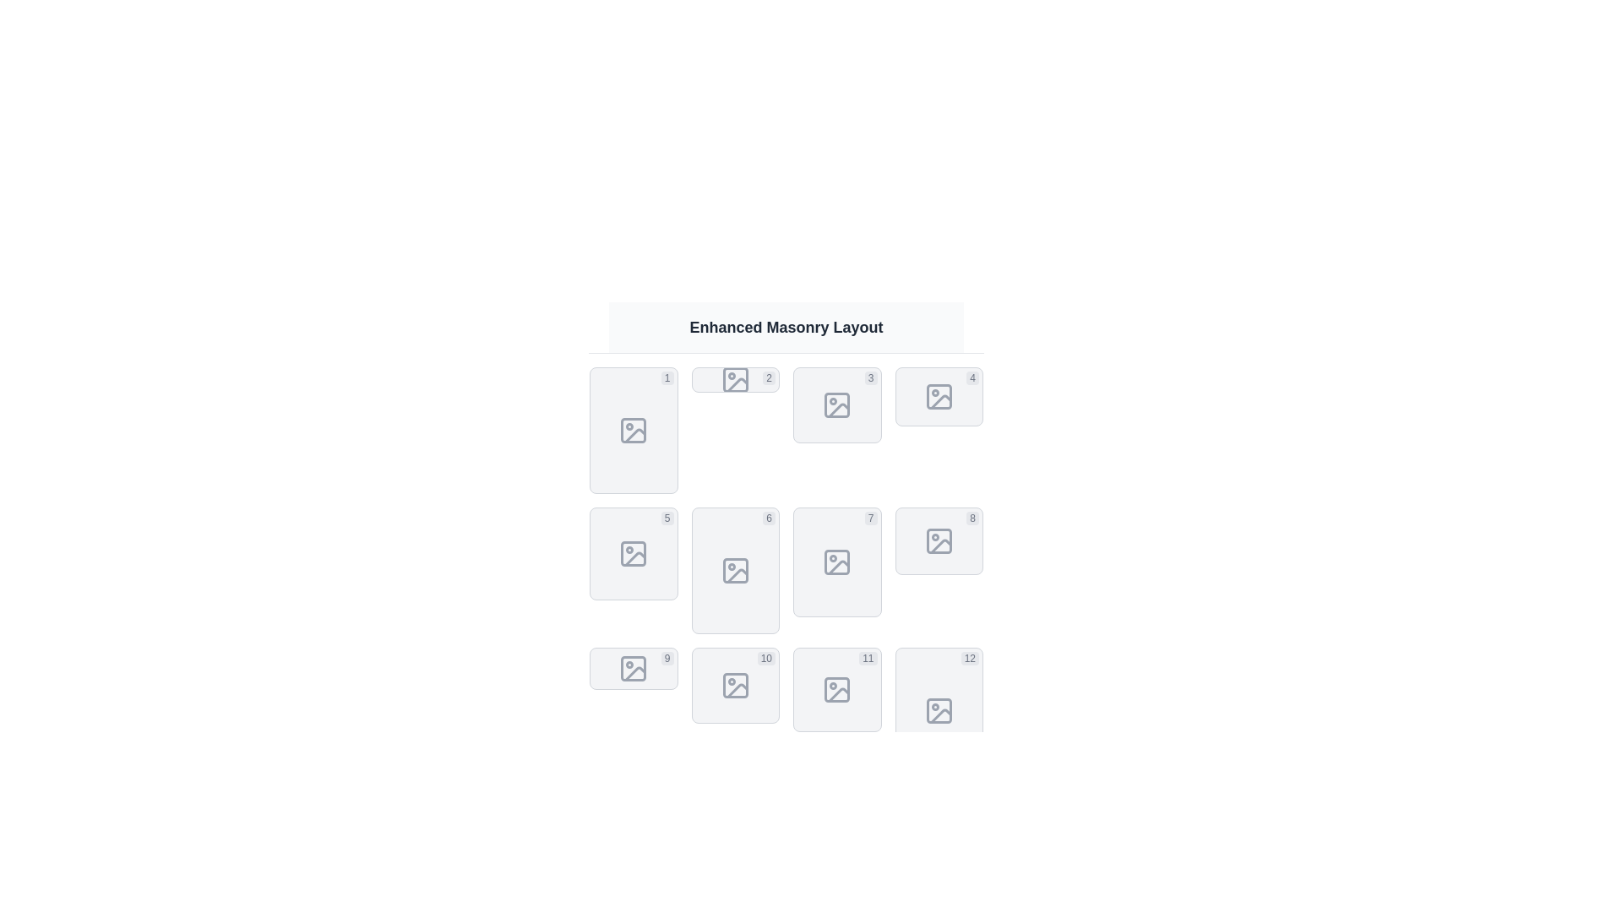 This screenshot has width=1622, height=912. I want to click on the icon representing imagery, which is a stylized photo icon with a square outline, rounded corners, and a sun symbol in the top-left corner, located inside the fifth item of the Enhanced Masonry Layout, so click(633, 553).